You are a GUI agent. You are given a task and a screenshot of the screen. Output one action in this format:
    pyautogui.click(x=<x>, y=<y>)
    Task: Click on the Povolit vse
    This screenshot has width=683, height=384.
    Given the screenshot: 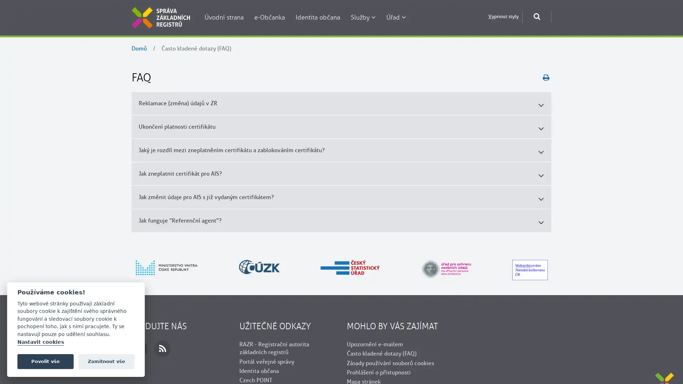 What is the action you would take?
    pyautogui.click(x=45, y=361)
    